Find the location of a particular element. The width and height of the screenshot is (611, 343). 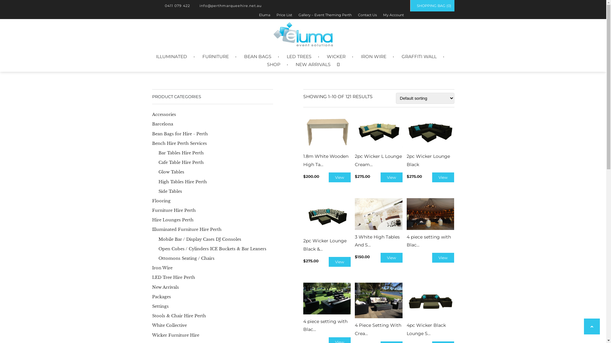

'Mobile Bar / Display Cases DJ Consoles' is located at coordinates (200, 239).